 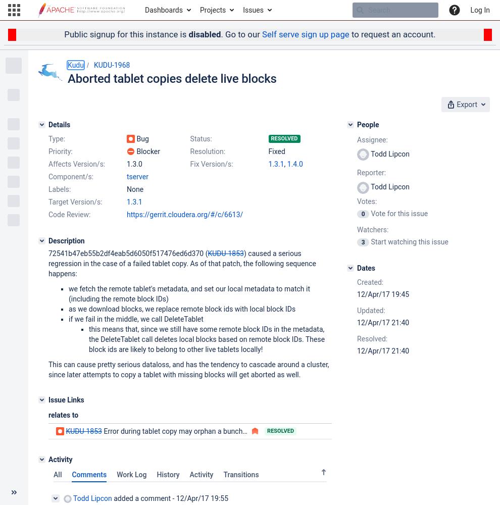 What do you see at coordinates (63, 414) in the screenshot?
I see `'relates to'` at bounding box center [63, 414].